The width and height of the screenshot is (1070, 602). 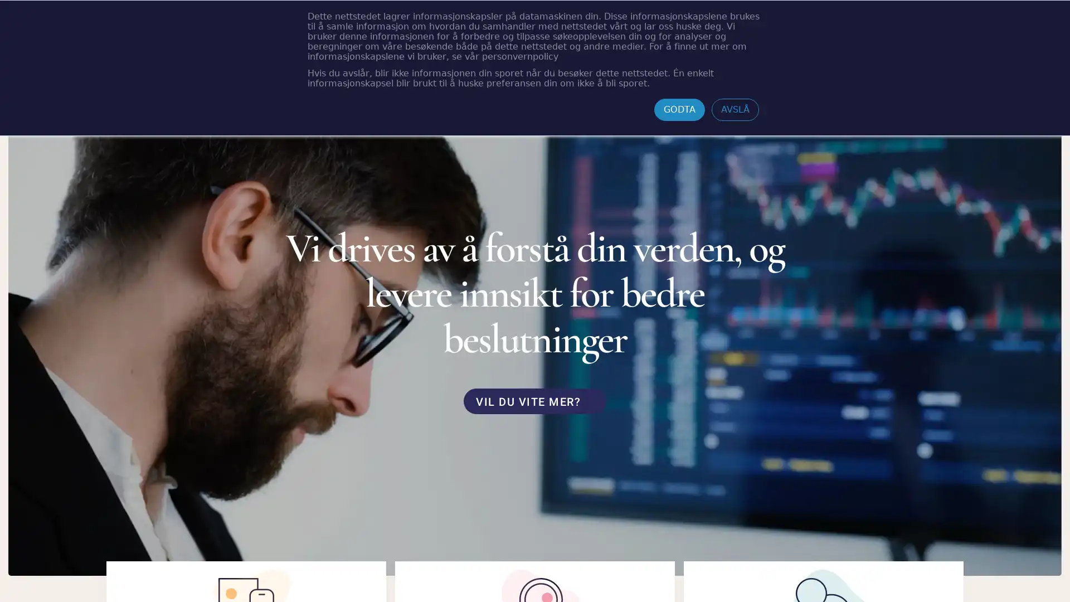 I want to click on AVSLA, so click(x=735, y=109).